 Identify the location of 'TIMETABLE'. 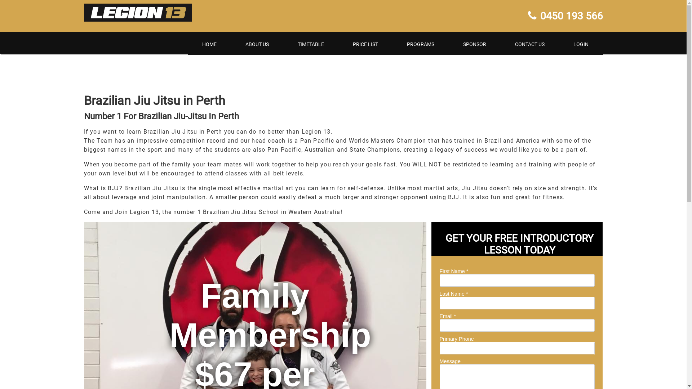
(311, 44).